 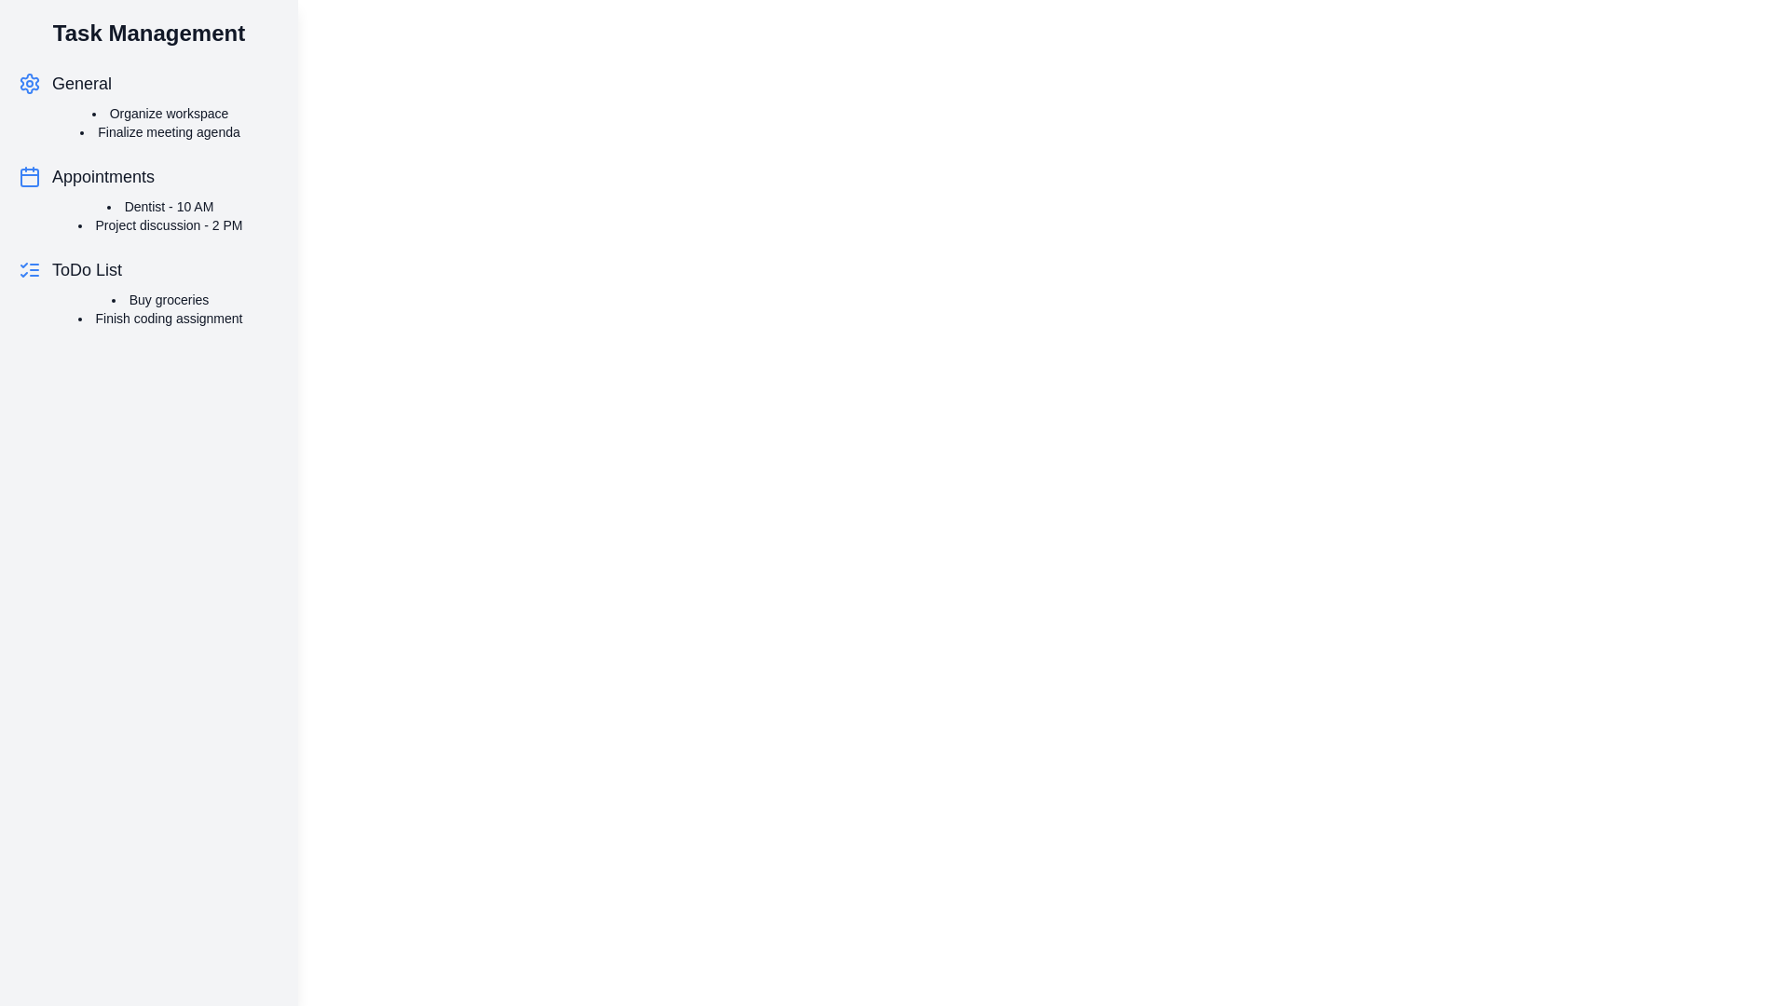 I want to click on the task category ToDo List by clicking on its name or icon, so click(x=85, y=269).